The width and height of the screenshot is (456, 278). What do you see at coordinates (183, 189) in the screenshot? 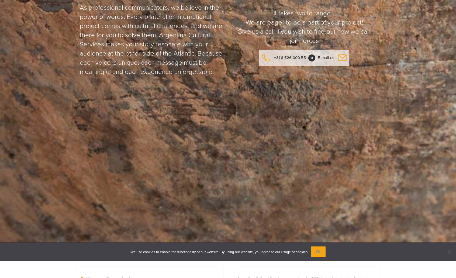
I see `'Find us on:'` at bounding box center [183, 189].